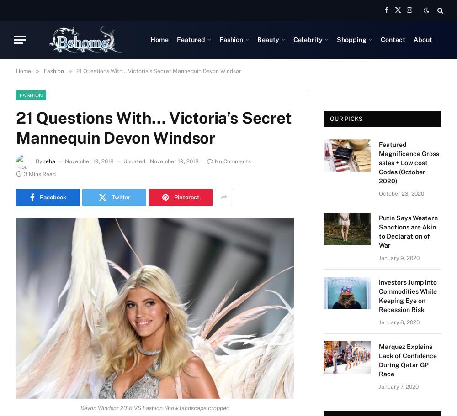 This screenshot has height=416, width=457. I want to click on 'Putin Says Western Sanctions are Akin to Declaration of War', so click(378, 231).